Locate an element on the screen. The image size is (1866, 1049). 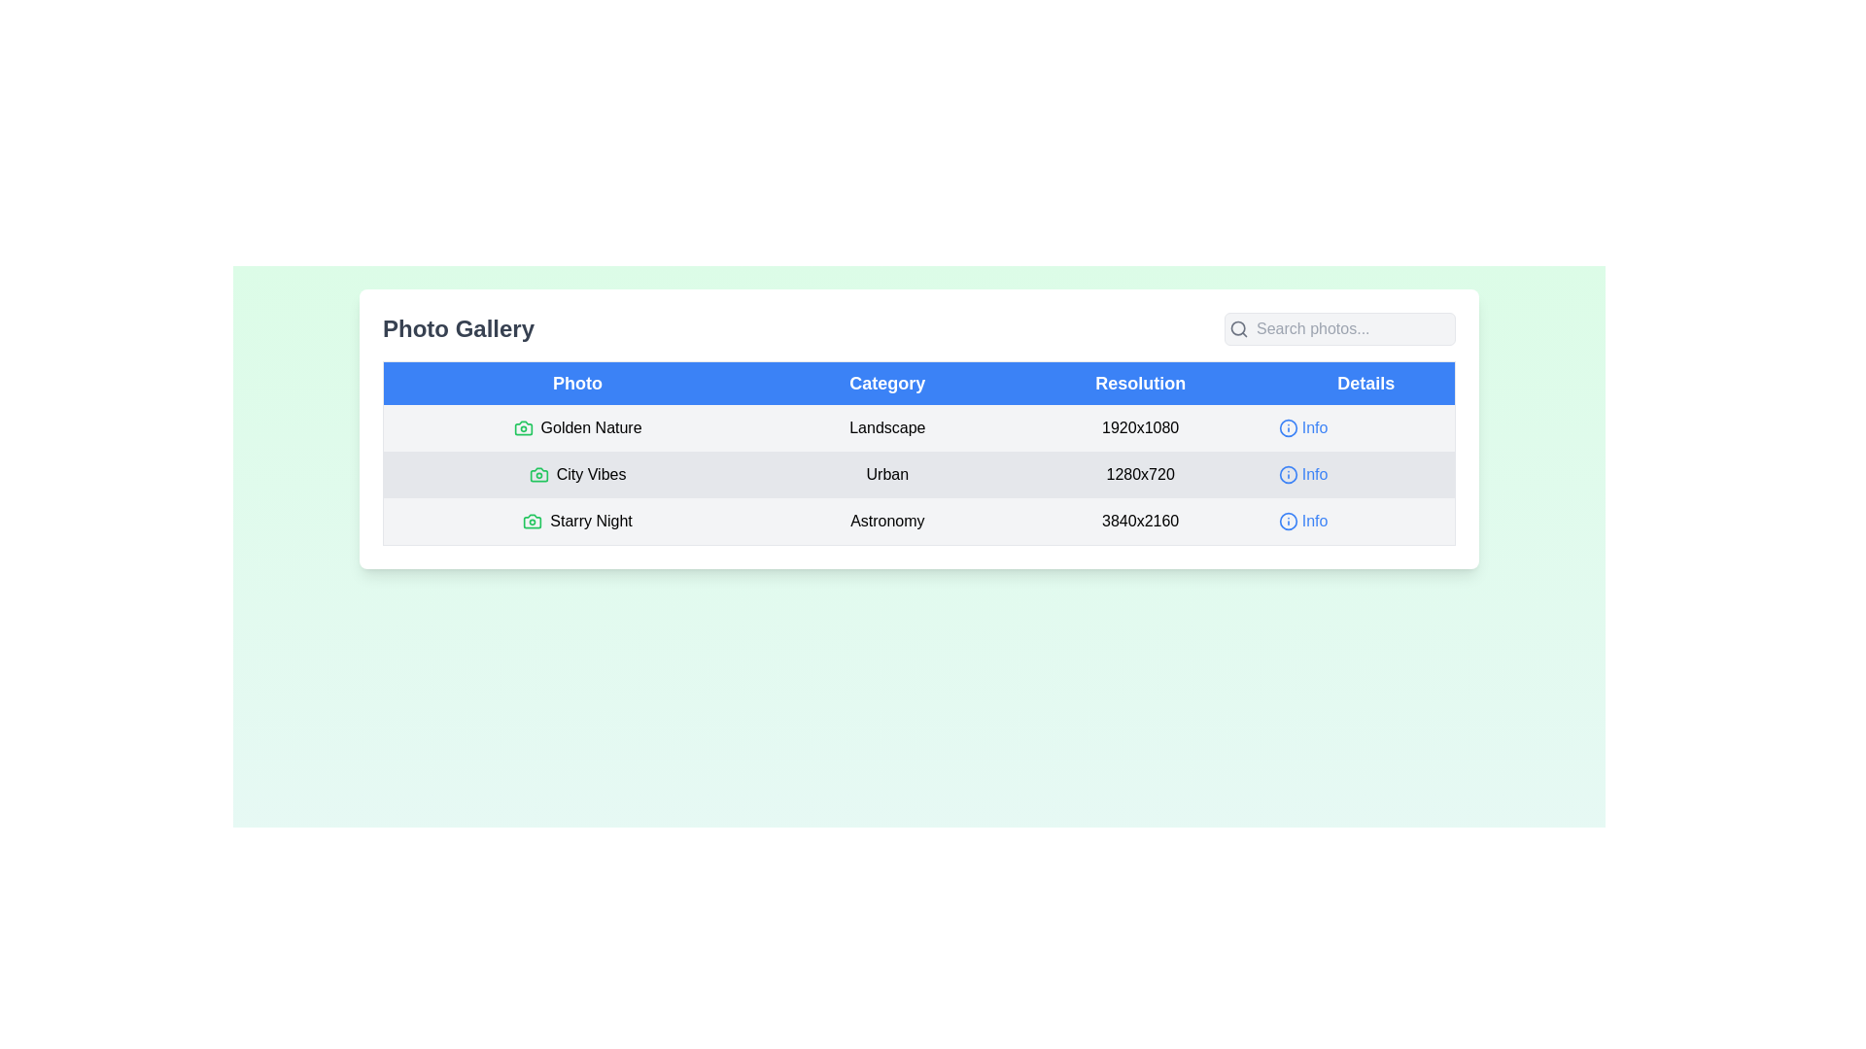
the camera icon with a green outline located to the left of the text 'Starry Night' in the last row of the table is located at coordinates (533, 520).